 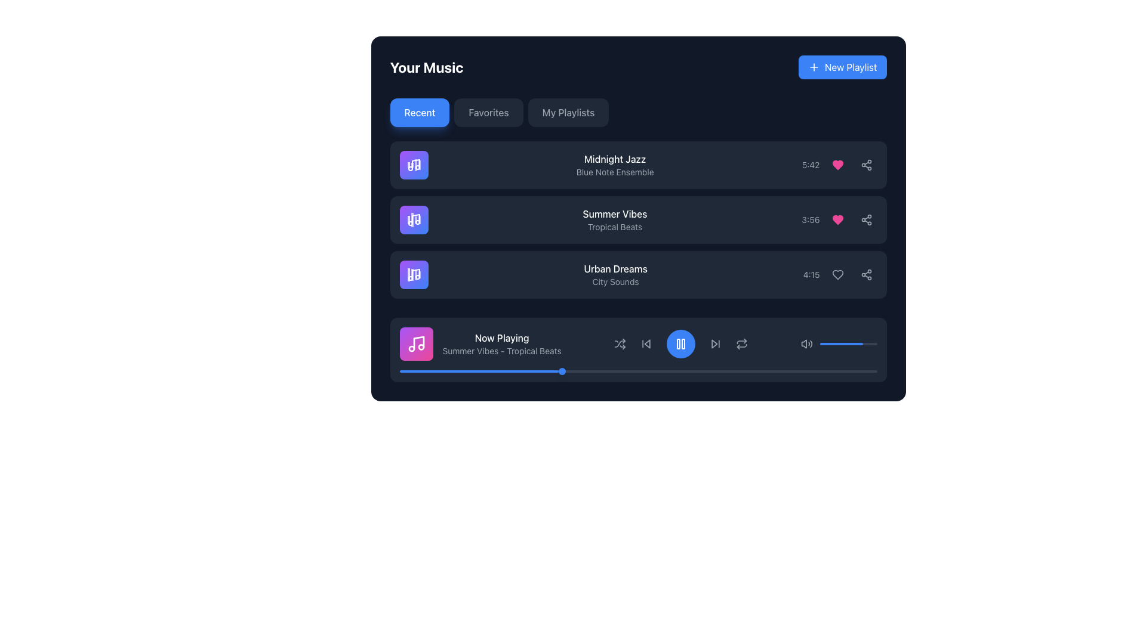 What do you see at coordinates (562, 371) in the screenshot?
I see `the interactive marker on the progress bar that visually represents the current progress, located at one-third of the bar's width from the left edge` at bounding box center [562, 371].